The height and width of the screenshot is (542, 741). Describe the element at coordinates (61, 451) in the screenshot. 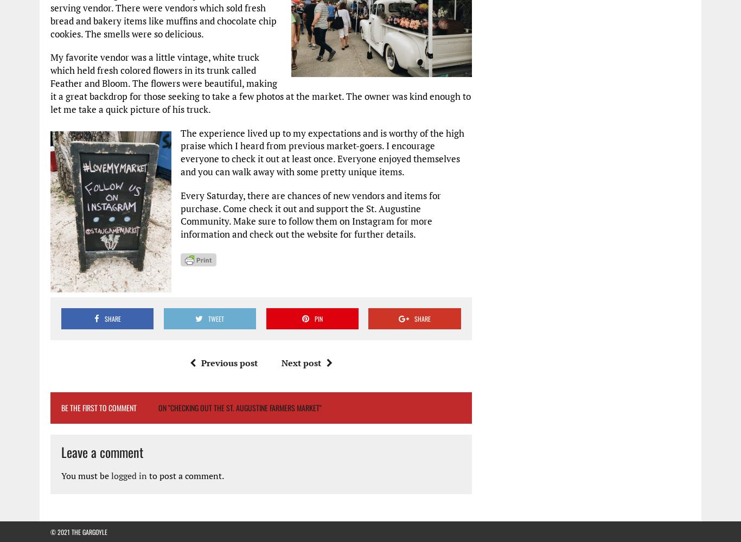

I see `'Leave a comment'` at that location.